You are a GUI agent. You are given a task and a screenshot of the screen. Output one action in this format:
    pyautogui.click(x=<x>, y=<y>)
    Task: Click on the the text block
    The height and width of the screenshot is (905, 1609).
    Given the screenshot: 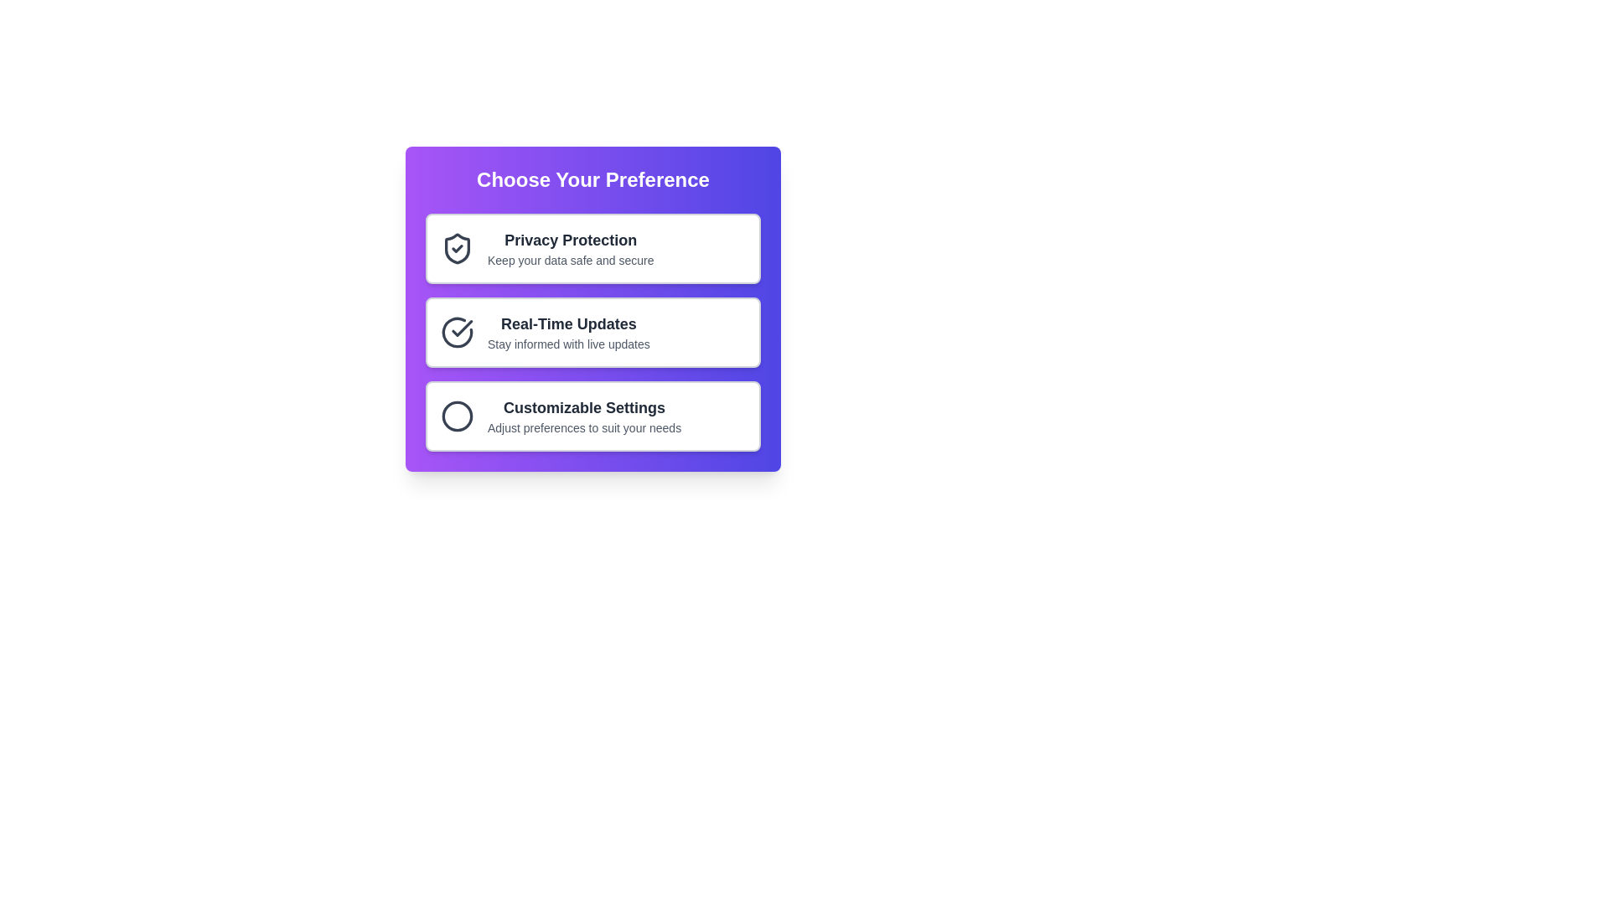 What is the action you would take?
    pyautogui.click(x=568, y=333)
    